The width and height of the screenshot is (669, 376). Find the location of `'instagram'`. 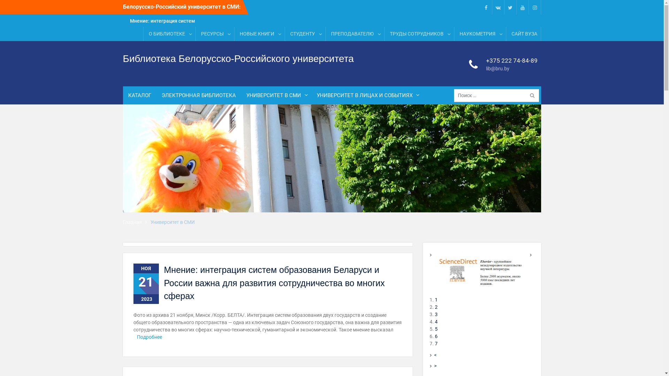

'instagram' is located at coordinates (534, 7).